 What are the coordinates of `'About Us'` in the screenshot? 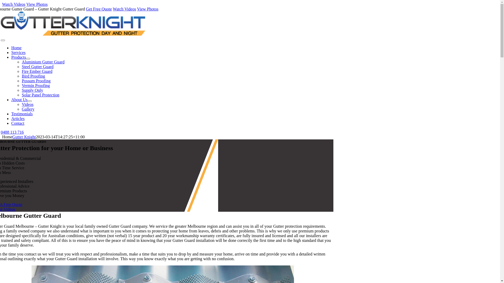 It's located at (19, 100).